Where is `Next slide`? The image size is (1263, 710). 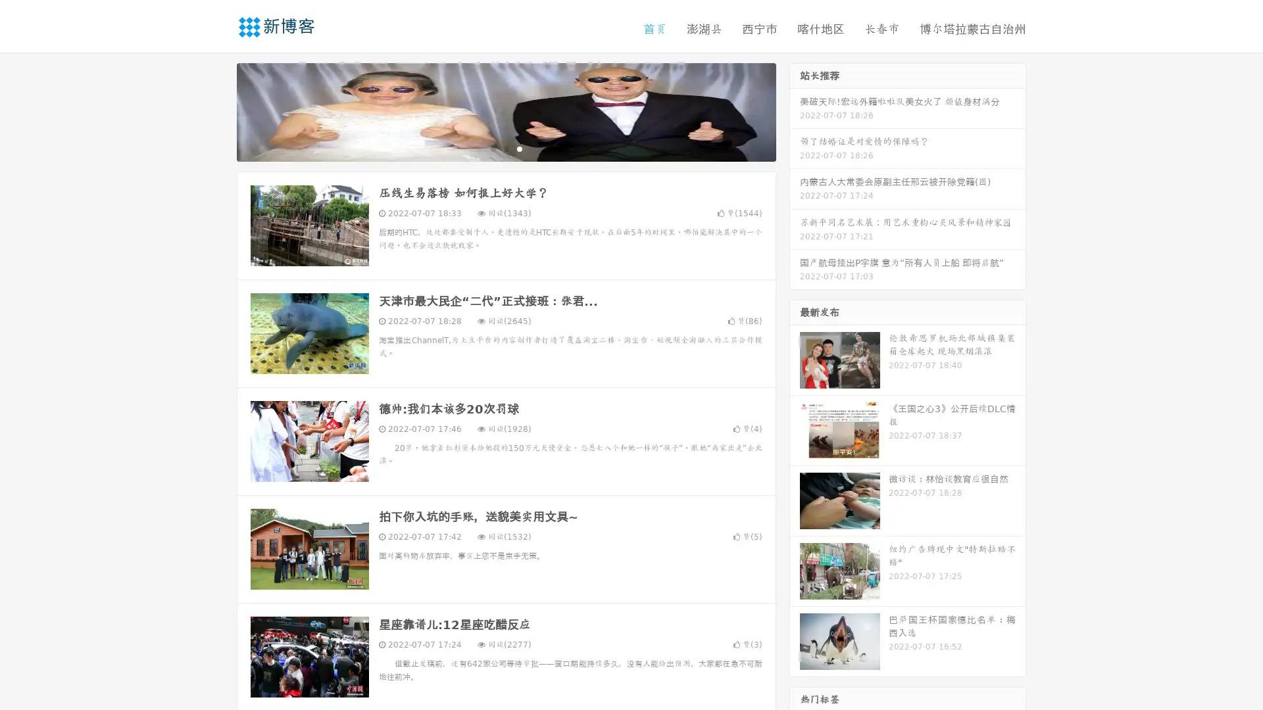 Next slide is located at coordinates (795, 110).